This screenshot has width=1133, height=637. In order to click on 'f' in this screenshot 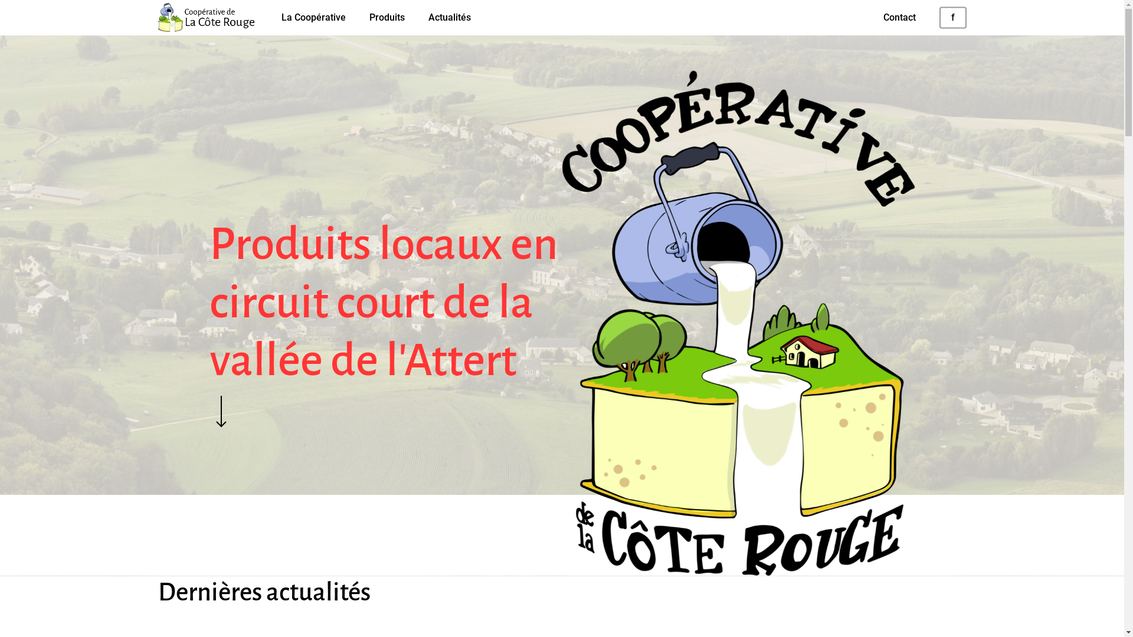, I will do `click(952, 18)`.